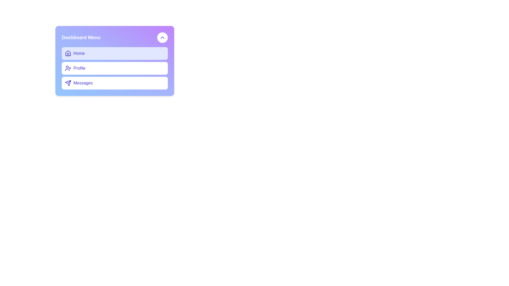 The height and width of the screenshot is (286, 509). I want to click on the icon that signifies sending messages, located to the left of the 'Messages' text label in the vertical menu structure, so click(68, 83).